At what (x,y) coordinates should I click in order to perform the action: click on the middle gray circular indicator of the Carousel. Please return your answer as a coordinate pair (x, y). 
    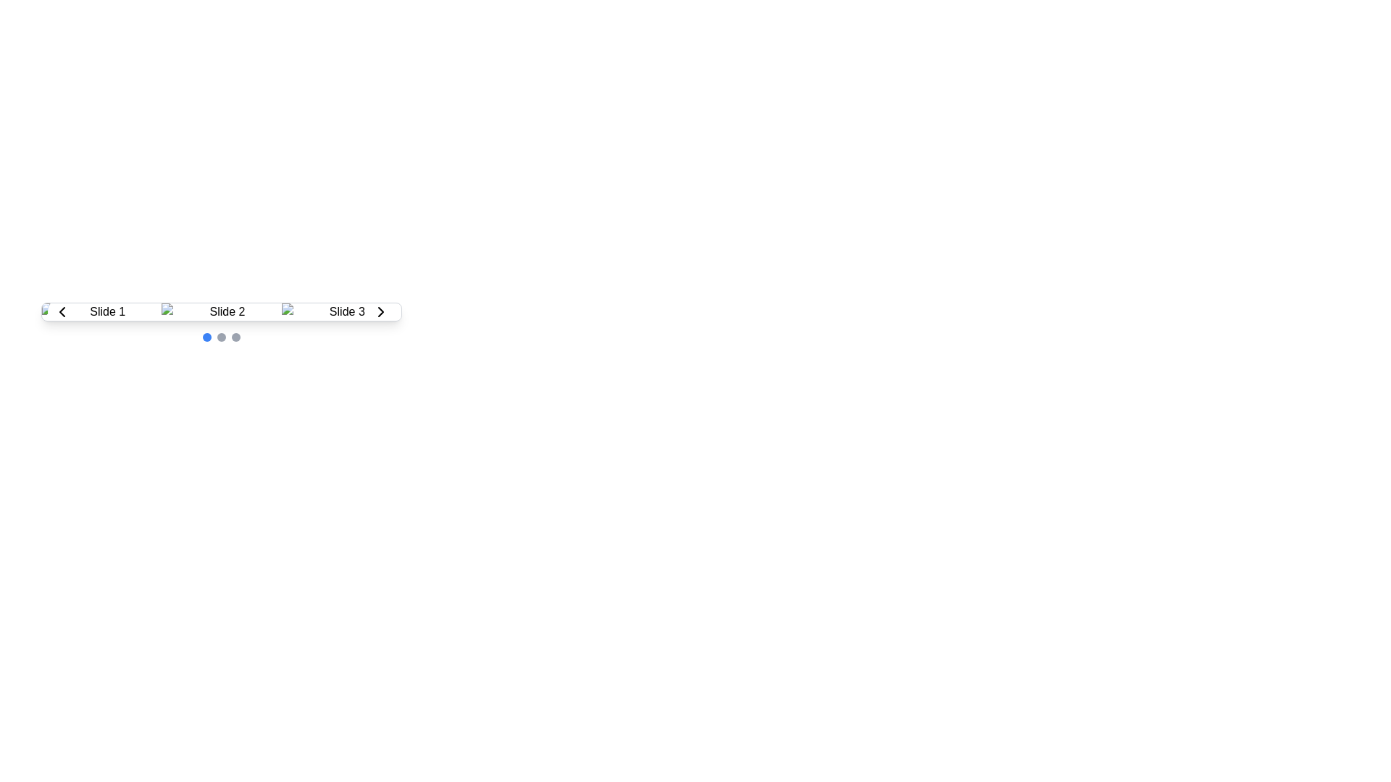
    Looking at the image, I should click on (221, 337).